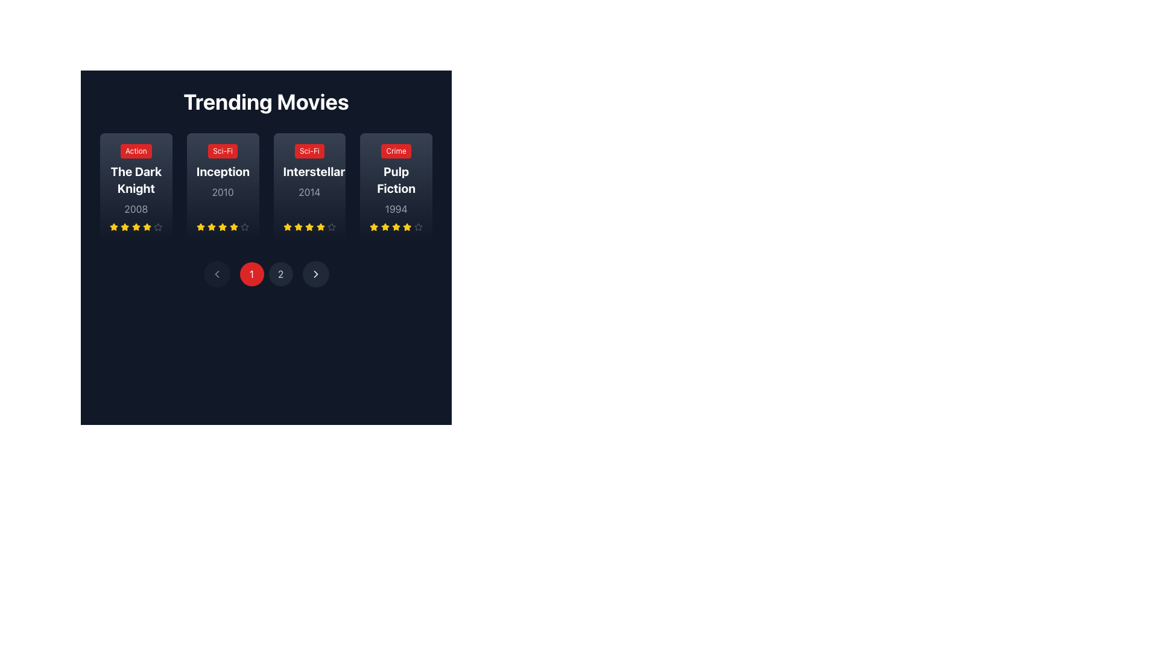  What do you see at coordinates (136, 227) in the screenshot?
I see `the fourth star icon in the rating system for 'The Dark Knight' to indicate a specific rating value` at bounding box center [136, 227].